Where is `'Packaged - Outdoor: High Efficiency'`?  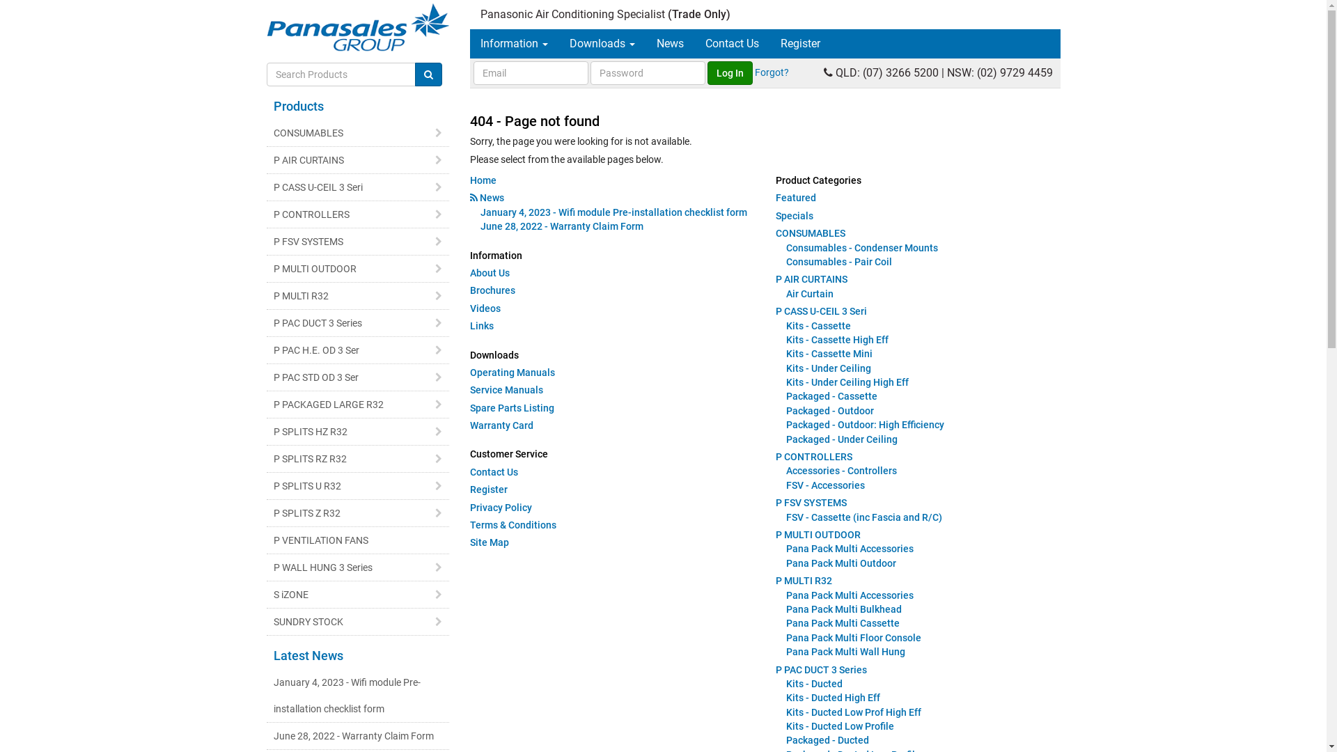
'Packaged - Outdoor: High Efficiency' is located at coordinates (864, 423).